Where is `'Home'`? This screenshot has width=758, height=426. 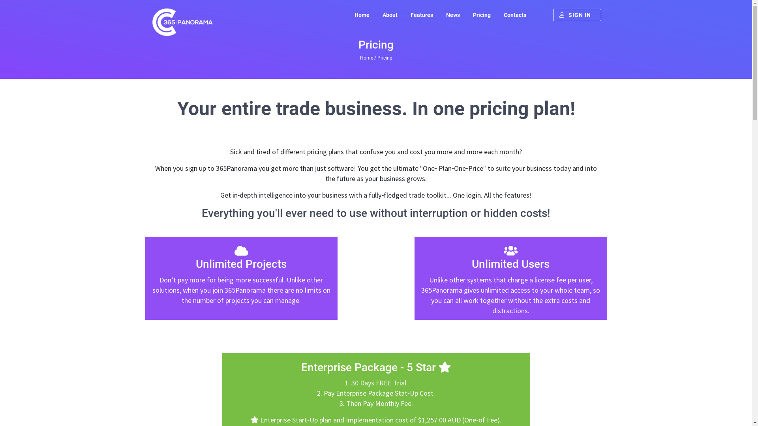
'Home' is located at coordinates (348, 15).